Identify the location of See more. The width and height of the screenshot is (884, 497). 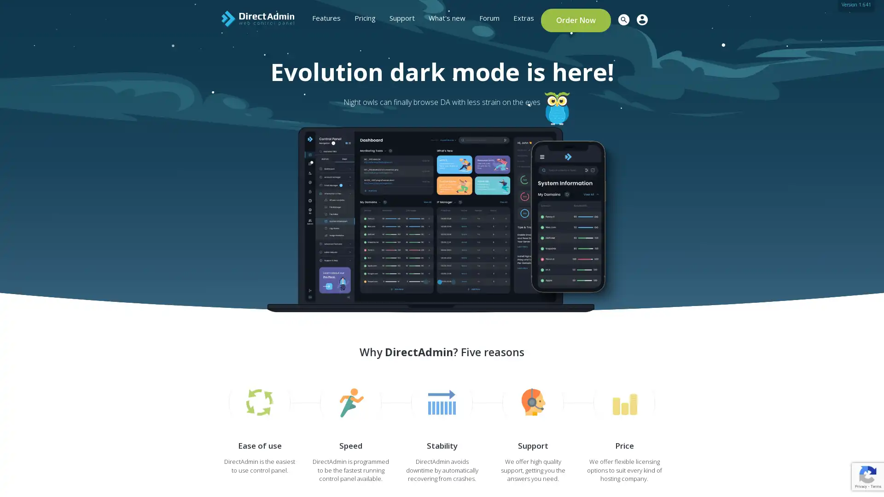
(208, 204).